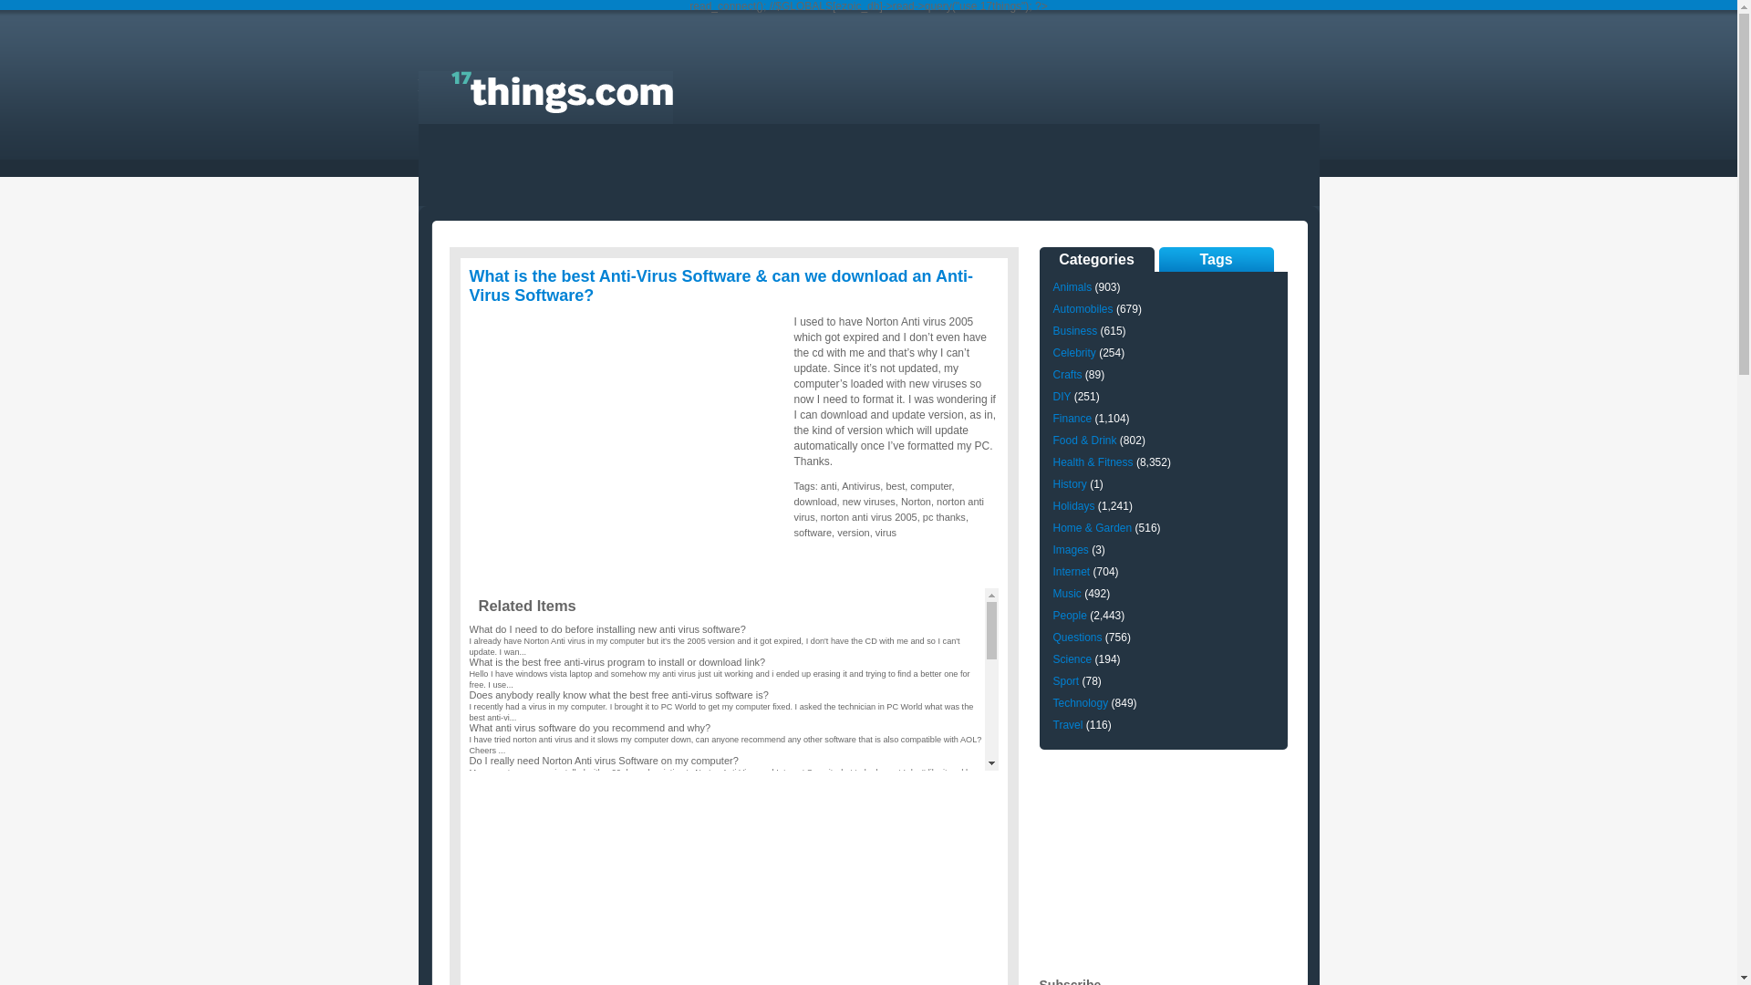 The width and height of the screenshot is (1751, 985). I want to click on 'Finance', so click(1072, 419).